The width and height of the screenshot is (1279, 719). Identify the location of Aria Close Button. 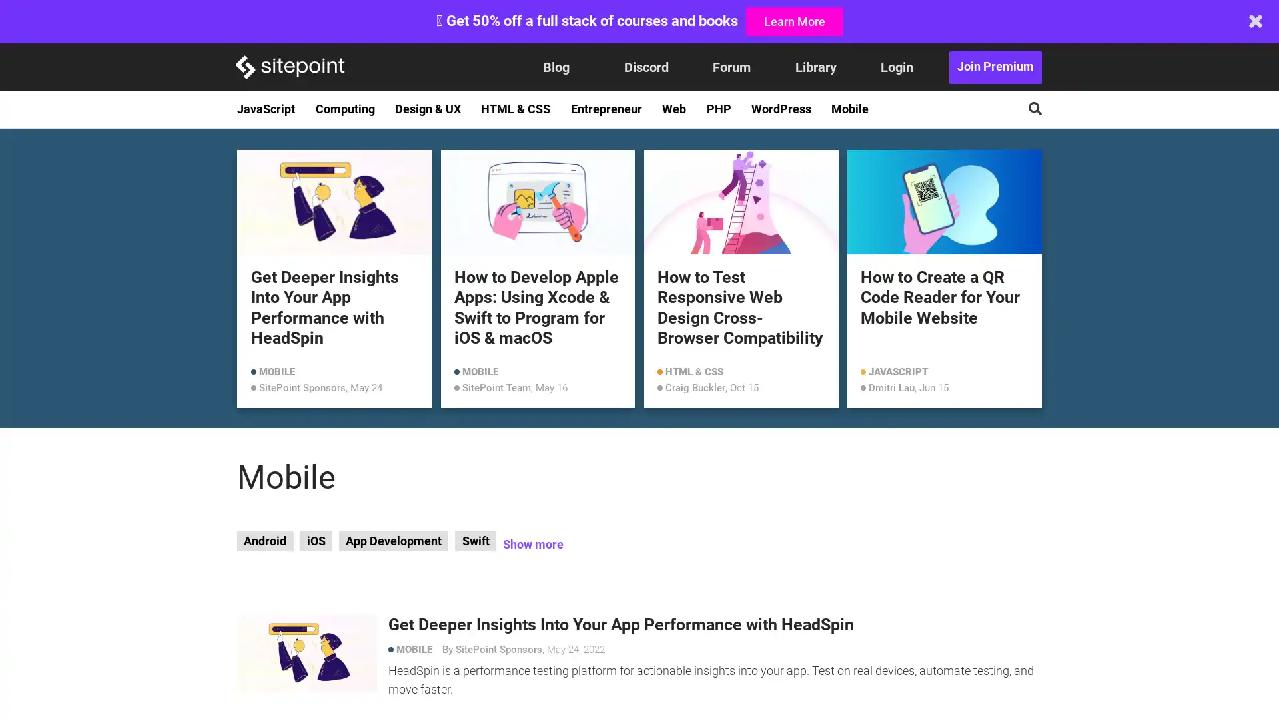
(1255, 21).